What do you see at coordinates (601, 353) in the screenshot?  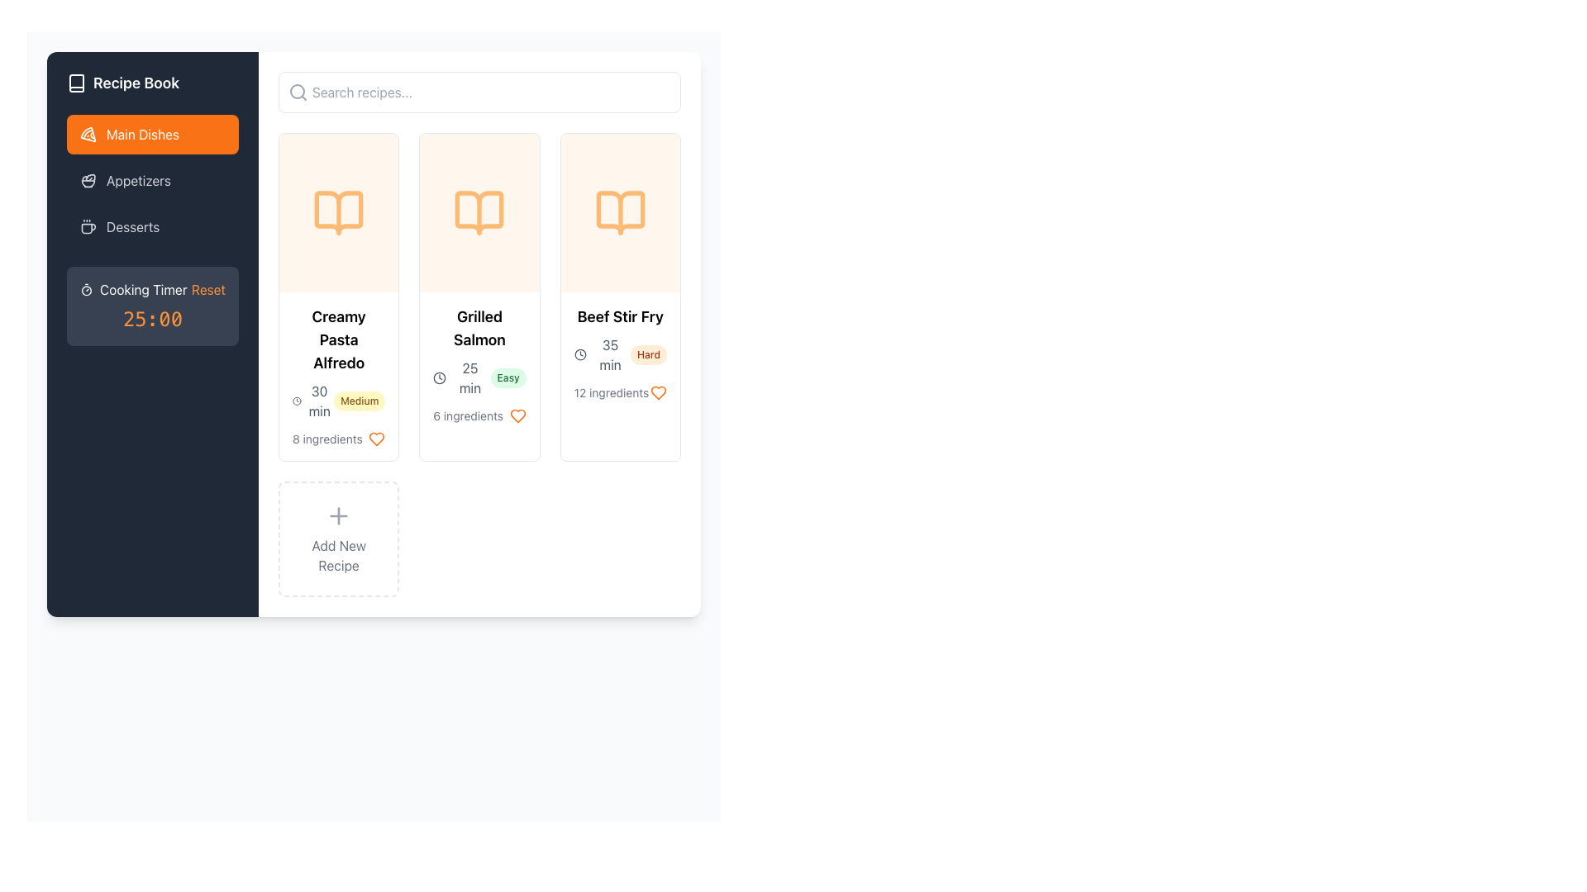 I see `text displaying '35 min' next to the clock icon in the detailed information section of the 'Beef Stir Fry' recipe card to note the cooking duration` at bounding box center [601, 353].